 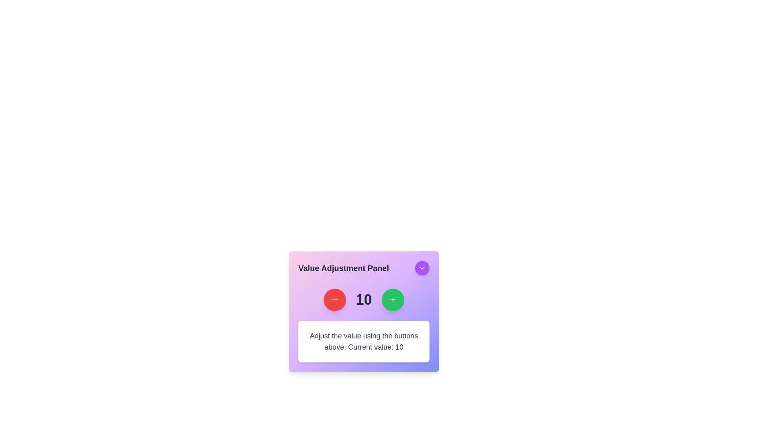 I want to click on the dropdown button located in the upper-right corner of the 'Value Adjustment Panel' section for keyboard interaction, so click(x=421, y=268).